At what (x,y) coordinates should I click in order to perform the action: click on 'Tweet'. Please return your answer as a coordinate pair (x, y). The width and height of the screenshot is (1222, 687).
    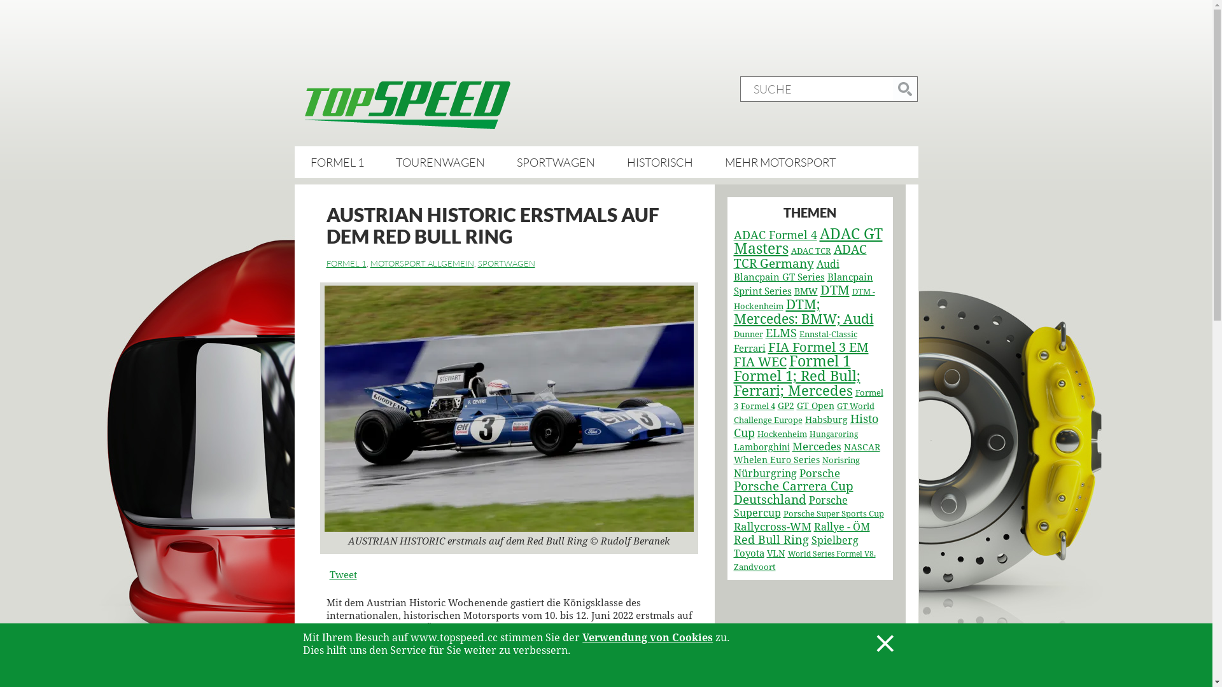
    Looking at the image, I should click on (330, 574).